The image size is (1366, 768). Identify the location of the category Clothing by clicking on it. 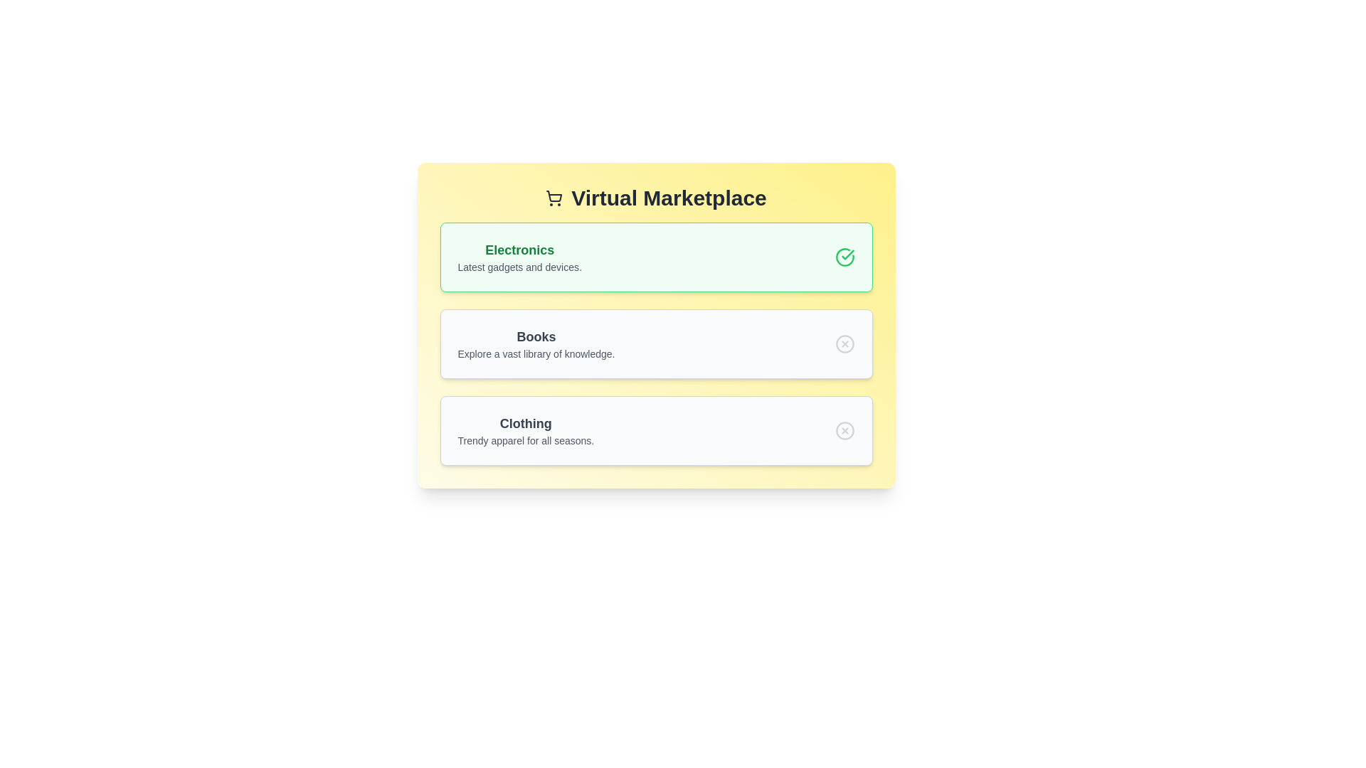
(655, 430).